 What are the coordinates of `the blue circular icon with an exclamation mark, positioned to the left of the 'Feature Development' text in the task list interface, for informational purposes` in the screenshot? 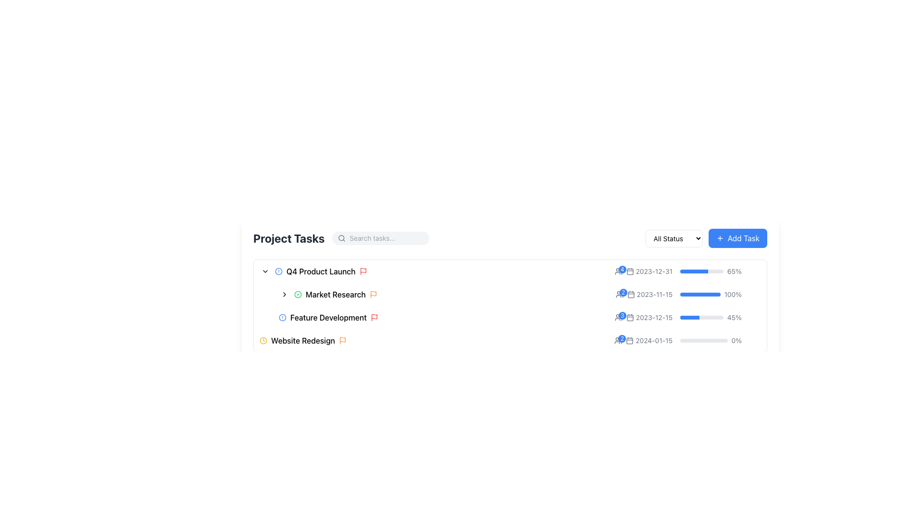 It's located at (282, 317).